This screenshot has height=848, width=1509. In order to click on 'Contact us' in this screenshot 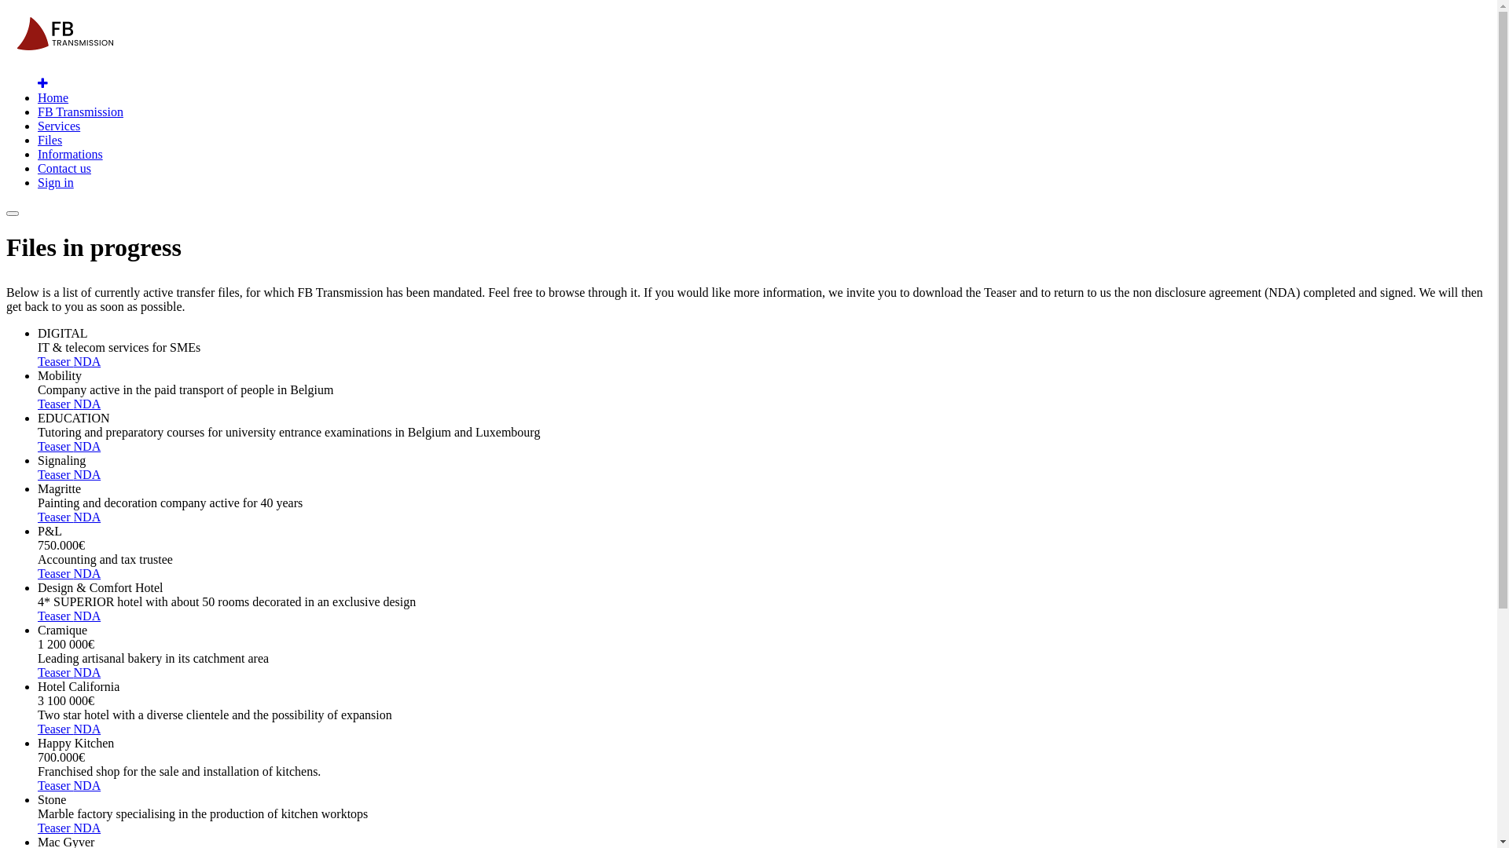, I will do `click(63, 168)`.